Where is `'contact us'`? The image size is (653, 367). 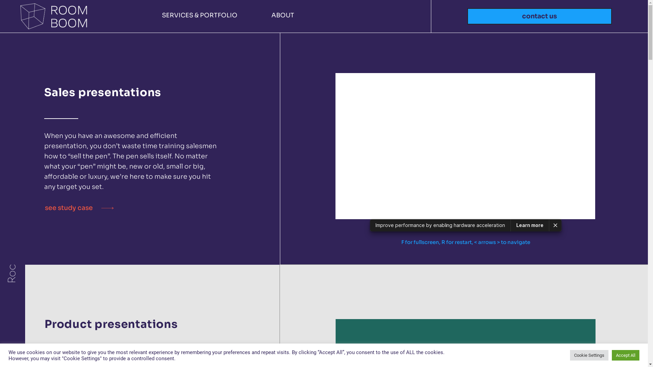 'contact us' is located at coordinates (539, 16).